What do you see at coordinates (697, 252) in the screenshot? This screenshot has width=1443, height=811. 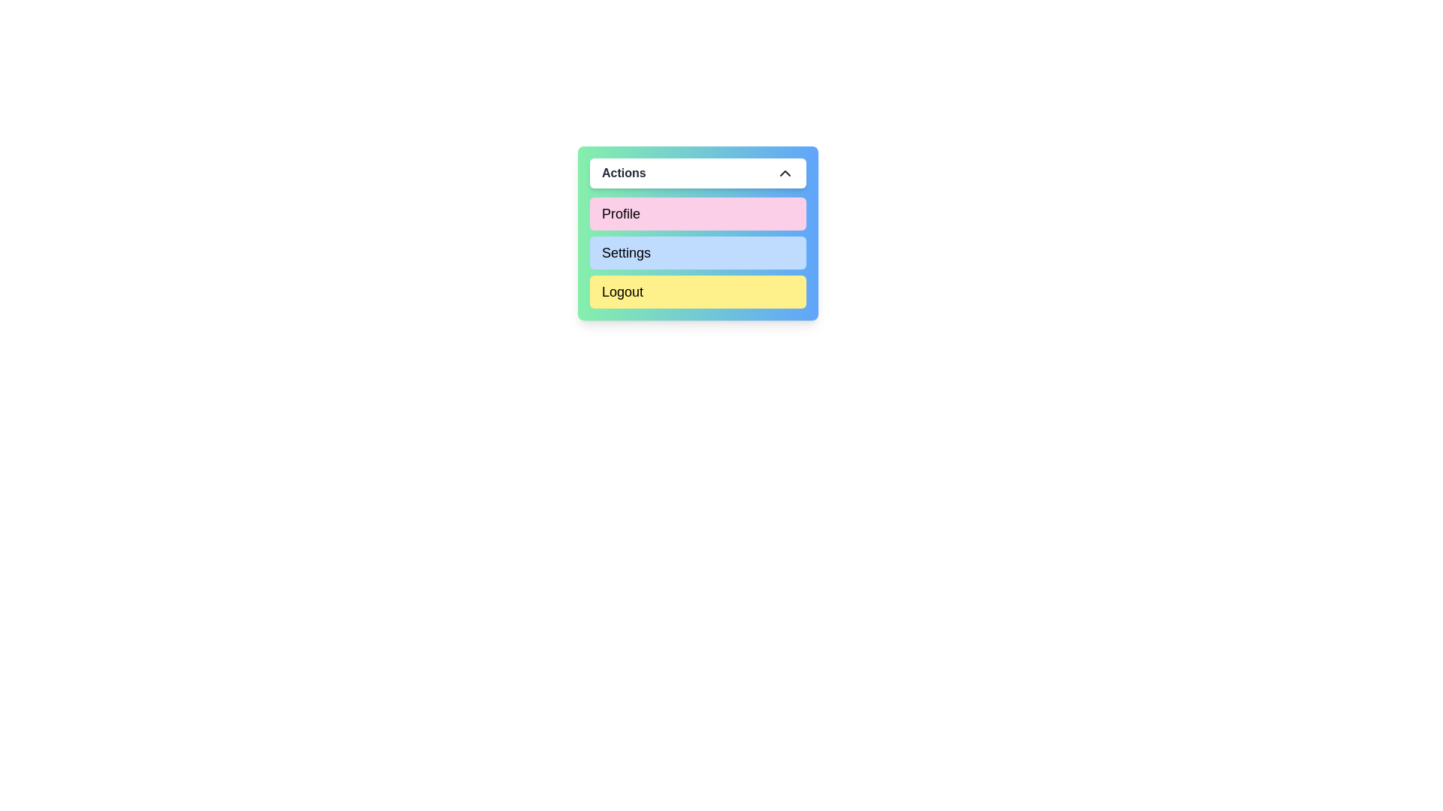 I see `the 'Settings' button, which is a light blue rectangular button with rounded corners, located between the 'Profile' button and the 'Logout' button in a vertical list` at bounding box center [697, 252].